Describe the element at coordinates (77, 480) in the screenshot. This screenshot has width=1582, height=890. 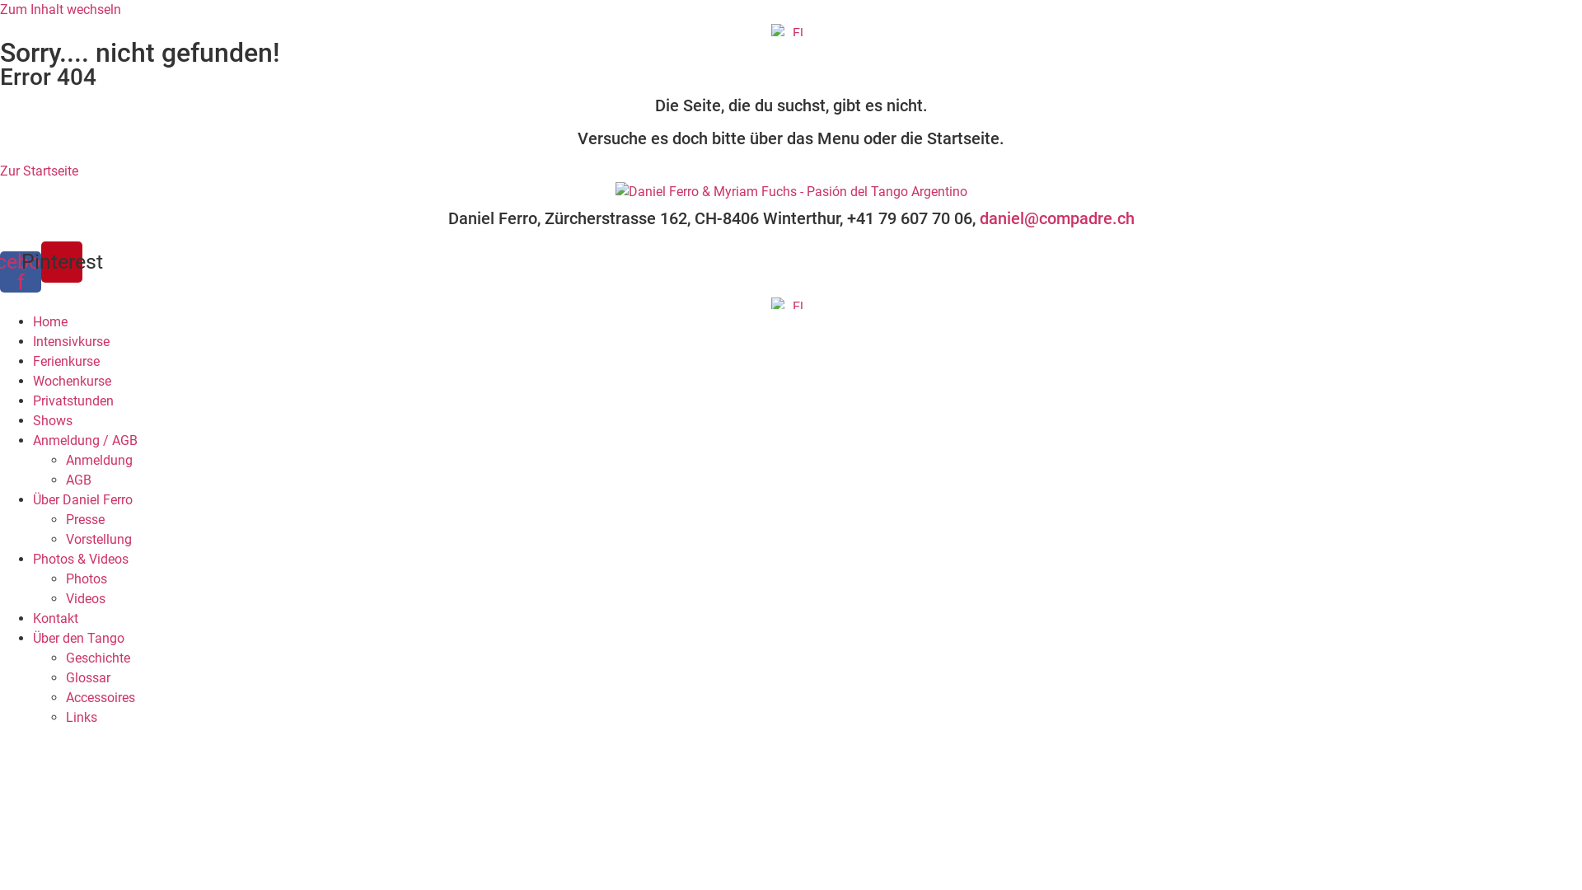
I see `'AGB'` at that location.